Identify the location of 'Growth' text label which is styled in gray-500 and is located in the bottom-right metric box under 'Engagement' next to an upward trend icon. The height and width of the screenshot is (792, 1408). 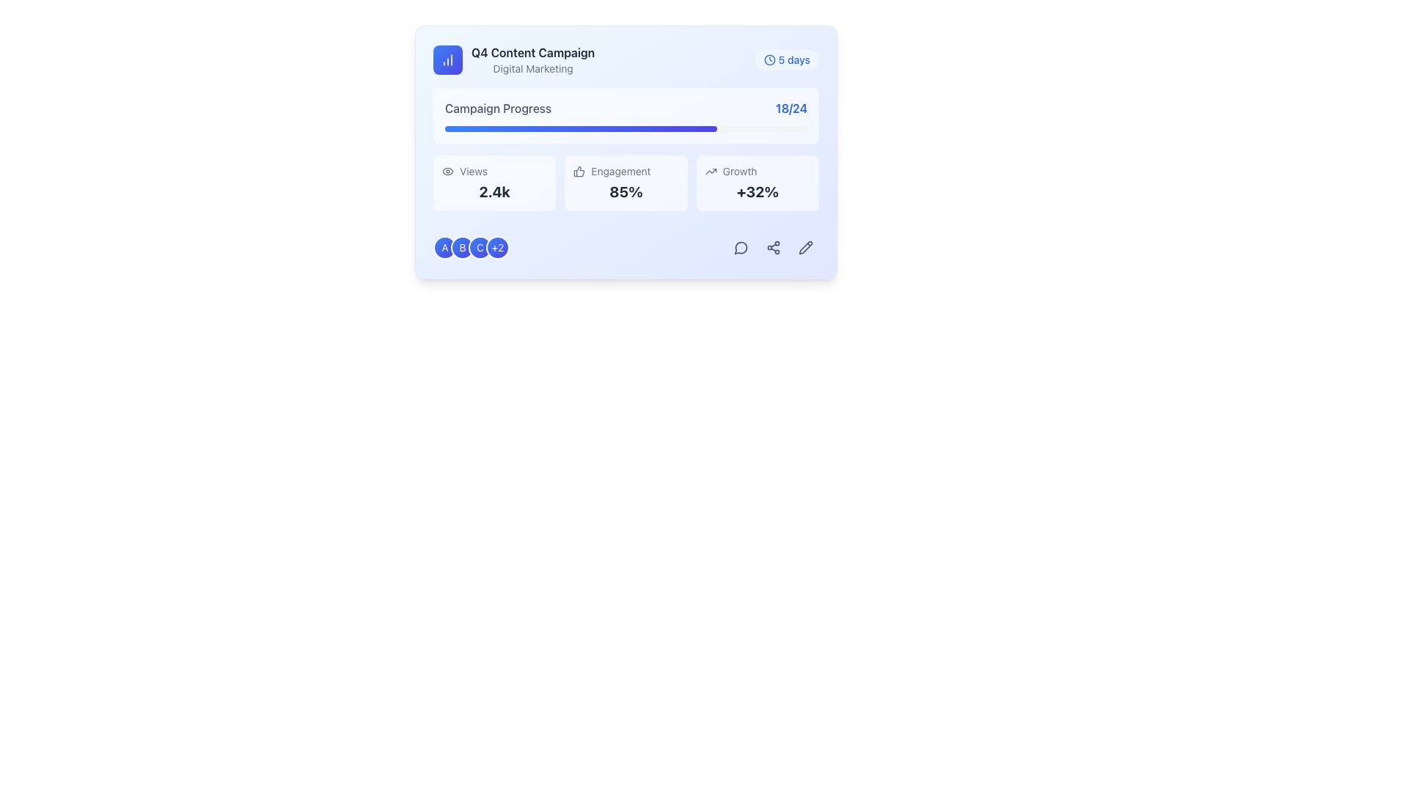
(740, 171).